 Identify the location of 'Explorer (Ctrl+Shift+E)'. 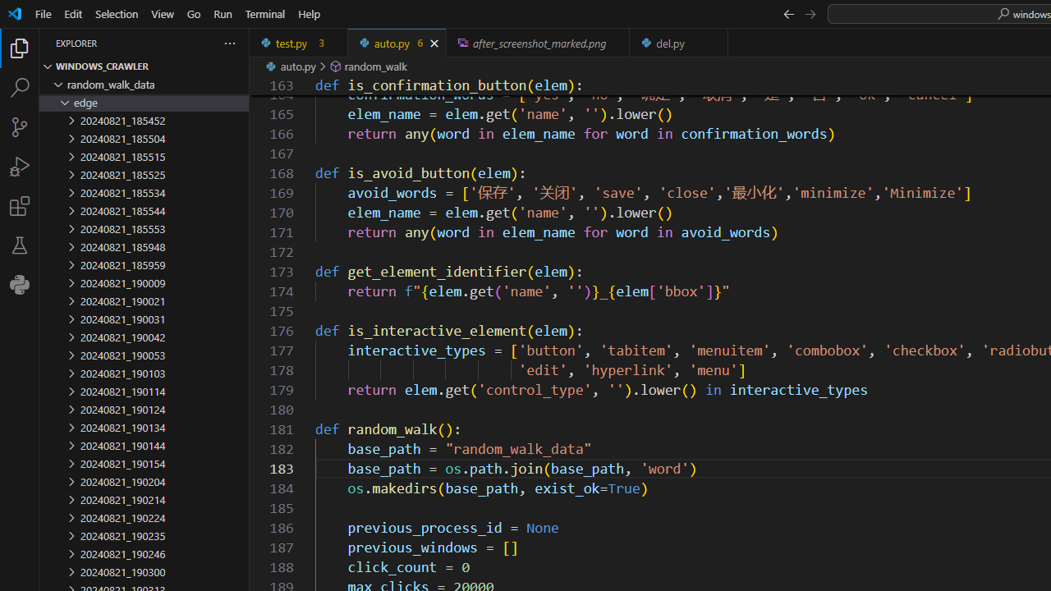
(20, 48).